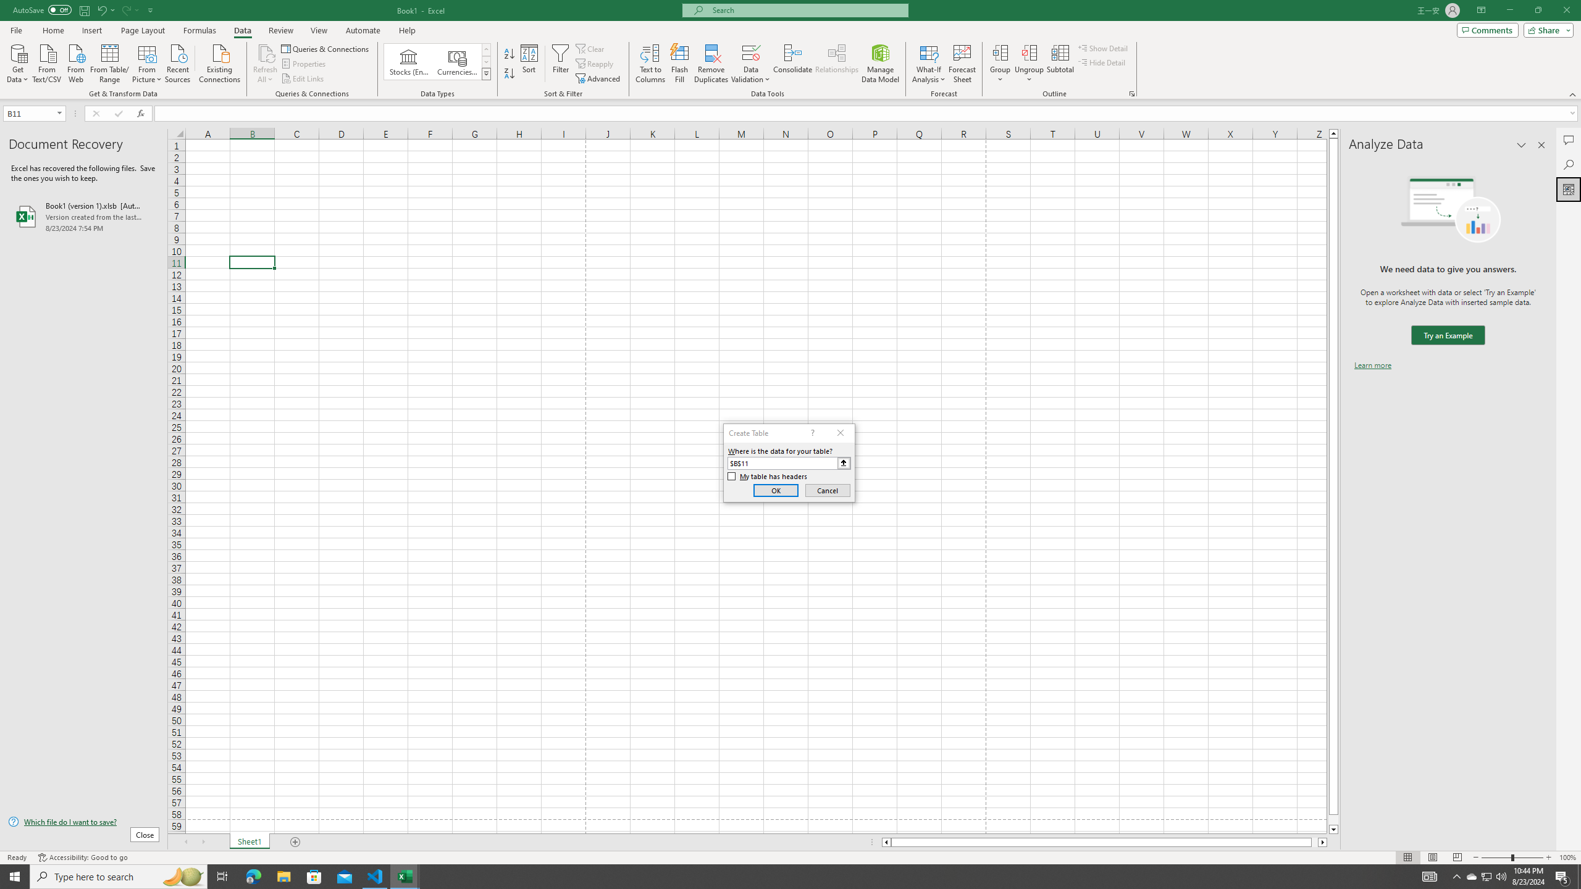 Image resolution: width=1581 pixels, height=889 pixels. Describe the element at coordinates (151, 9) in the screenshot. I see `'Customize Quick Access Toolbar'` at that location.